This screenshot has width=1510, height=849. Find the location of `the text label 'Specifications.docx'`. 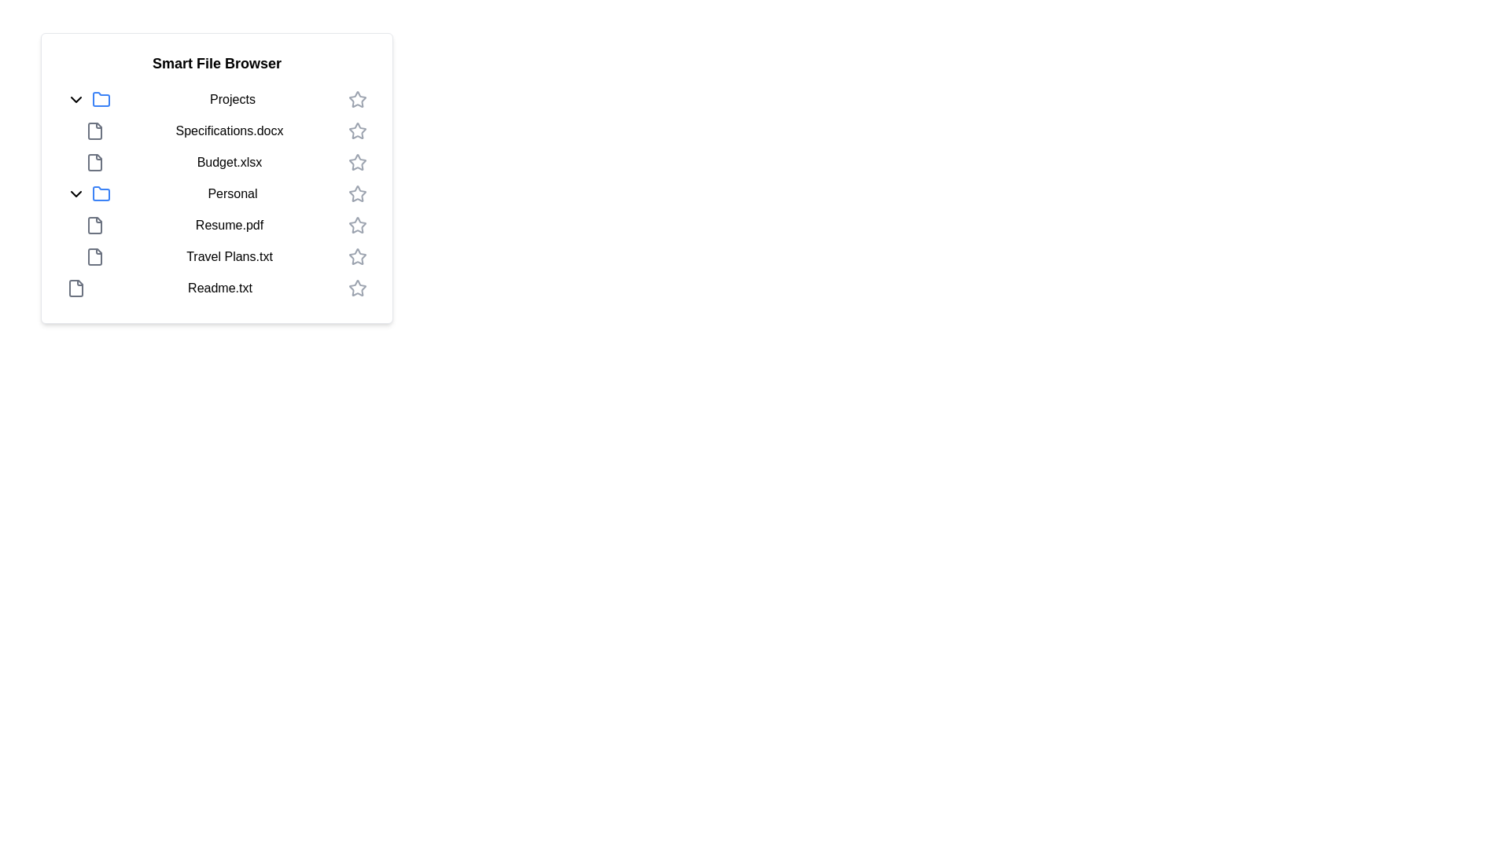

the text label 'Specifications.docx' is located at coordinates (226, 130).